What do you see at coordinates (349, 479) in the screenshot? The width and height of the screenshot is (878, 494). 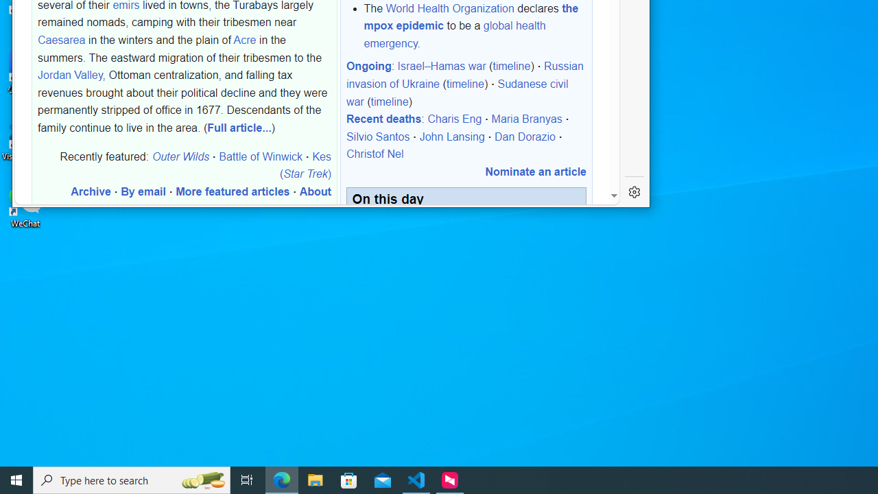 I see `'Microsoft Store'` at bounding box center [349, 479].